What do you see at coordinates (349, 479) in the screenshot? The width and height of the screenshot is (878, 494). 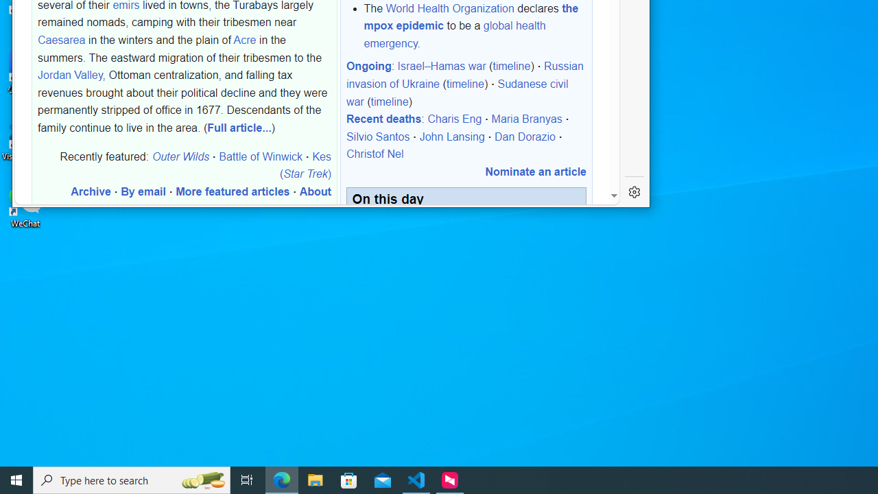 I see `'Microsoft Store'` at bounding box center [349, 479].